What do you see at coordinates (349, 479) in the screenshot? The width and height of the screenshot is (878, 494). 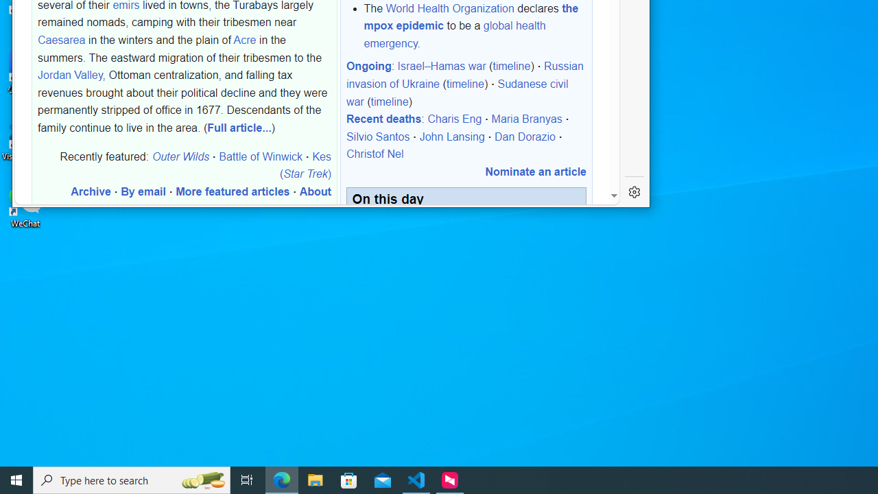 I see `'Microsoft Store'` at bounding box center [349, 479].